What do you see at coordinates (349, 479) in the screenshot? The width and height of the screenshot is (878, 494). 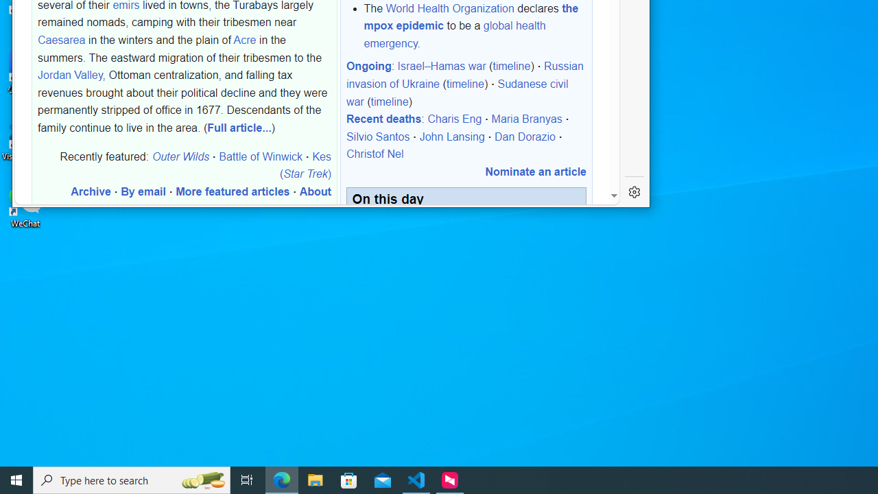 I see `'Microsoft Store'` at bounding box center [349, 479].